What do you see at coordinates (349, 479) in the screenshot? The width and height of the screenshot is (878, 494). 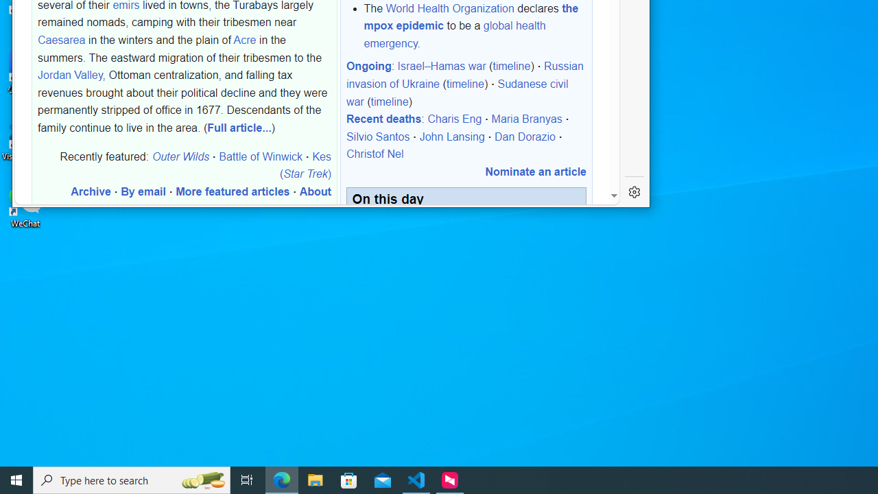 I see `'Microsoft Store'` at bounding box center [349, 479].